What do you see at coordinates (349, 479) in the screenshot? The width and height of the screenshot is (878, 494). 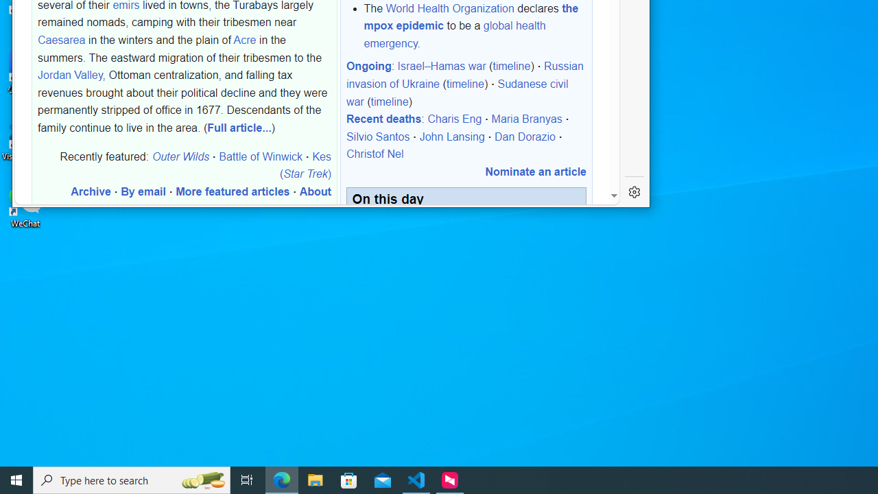 I see `'Microsoft Store'` at bounding box center [349, 479].